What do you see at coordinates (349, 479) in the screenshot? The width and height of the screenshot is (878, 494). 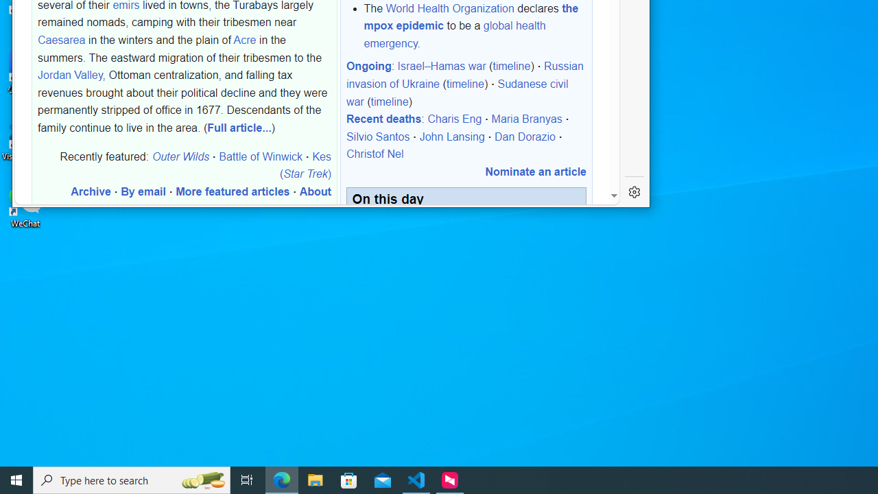 I see `'Microsoft Store'` at bounding box center [349, 479].